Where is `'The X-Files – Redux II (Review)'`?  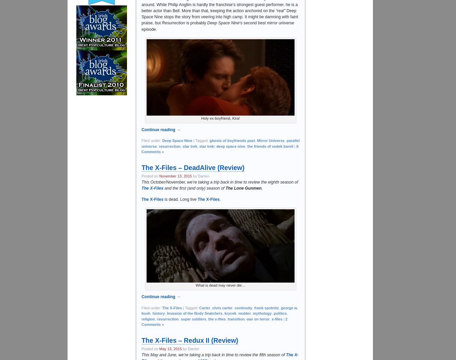
'The X-Files – Redux II (Review)' is located at coordinates (189, 340).